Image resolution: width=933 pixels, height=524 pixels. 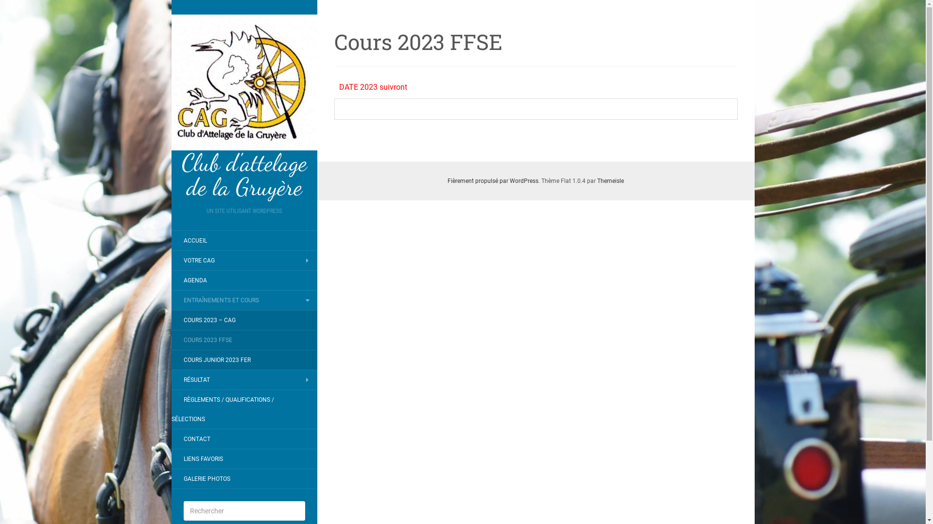 I want to click on 'COURS 2023 FFSE', so click(x=171, y=340).